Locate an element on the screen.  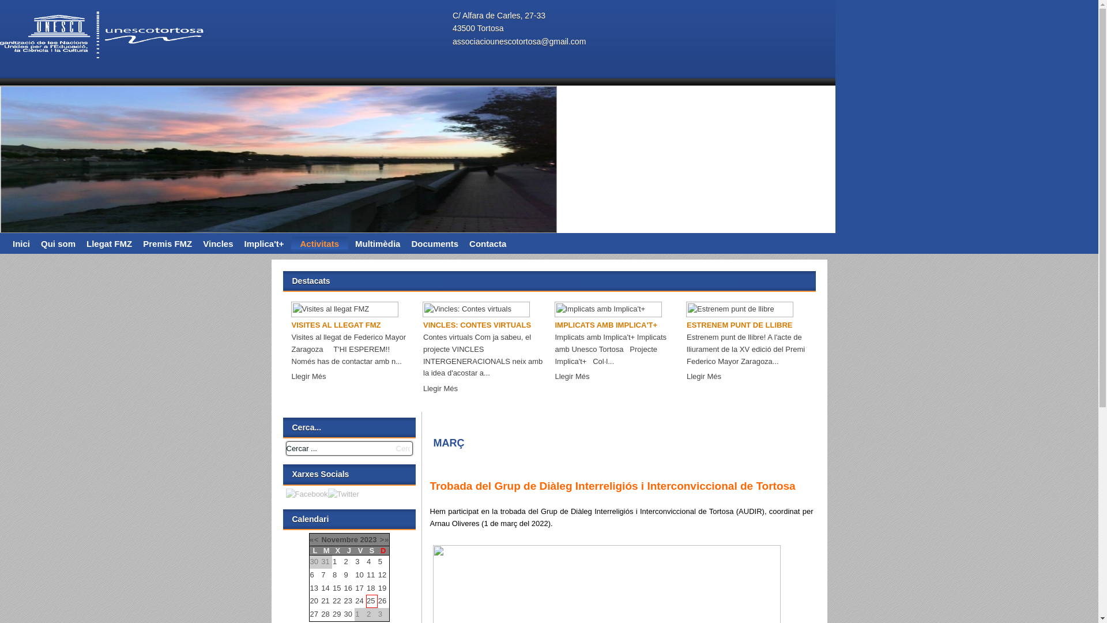
'Implica't+' is located at coordinates (263, 243).